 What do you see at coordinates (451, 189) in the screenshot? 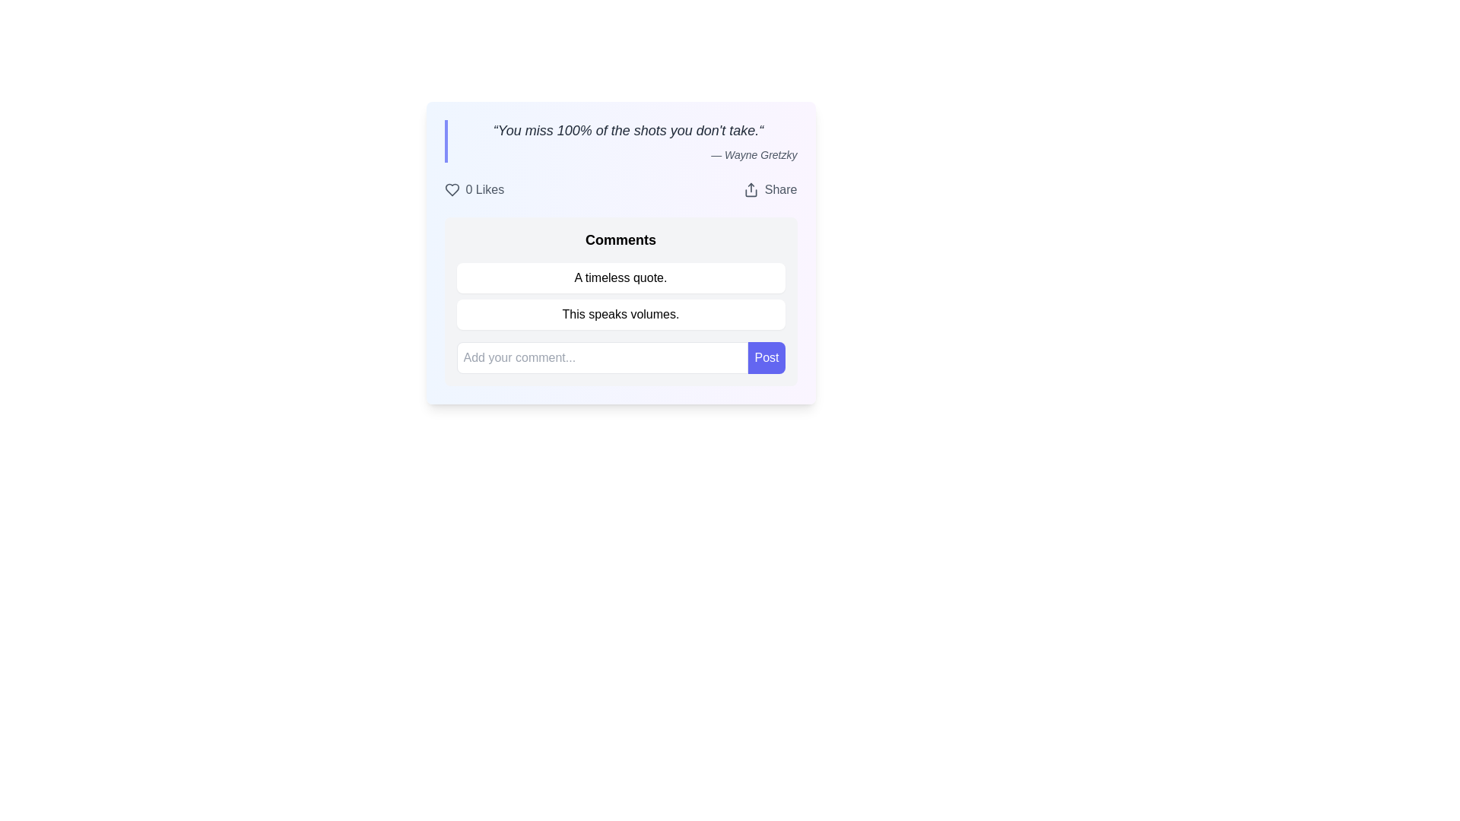
I see `the heart-shaped vector graphic icon located in the top-left section of the interface, adjacent to the '0 Likes' text, as part of the interface` at bounding box center [451, 189].